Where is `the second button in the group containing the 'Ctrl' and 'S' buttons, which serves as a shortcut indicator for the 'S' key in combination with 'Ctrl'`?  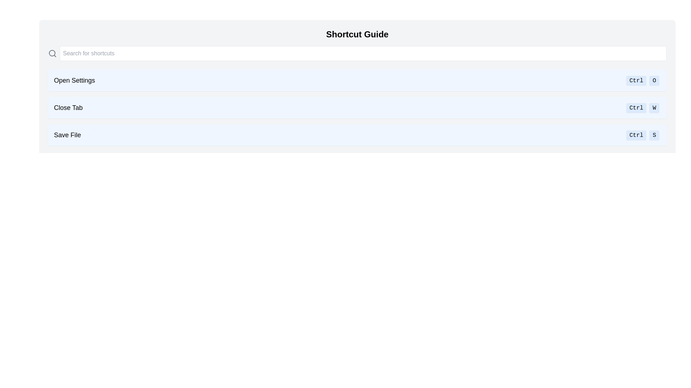
the second button in the group containing the 'Ctrl' and 'S' buttons, which serves as a shortcut indicator for the 'S' key in combination with 'Ctrl' is located at coordinates (654, 135).